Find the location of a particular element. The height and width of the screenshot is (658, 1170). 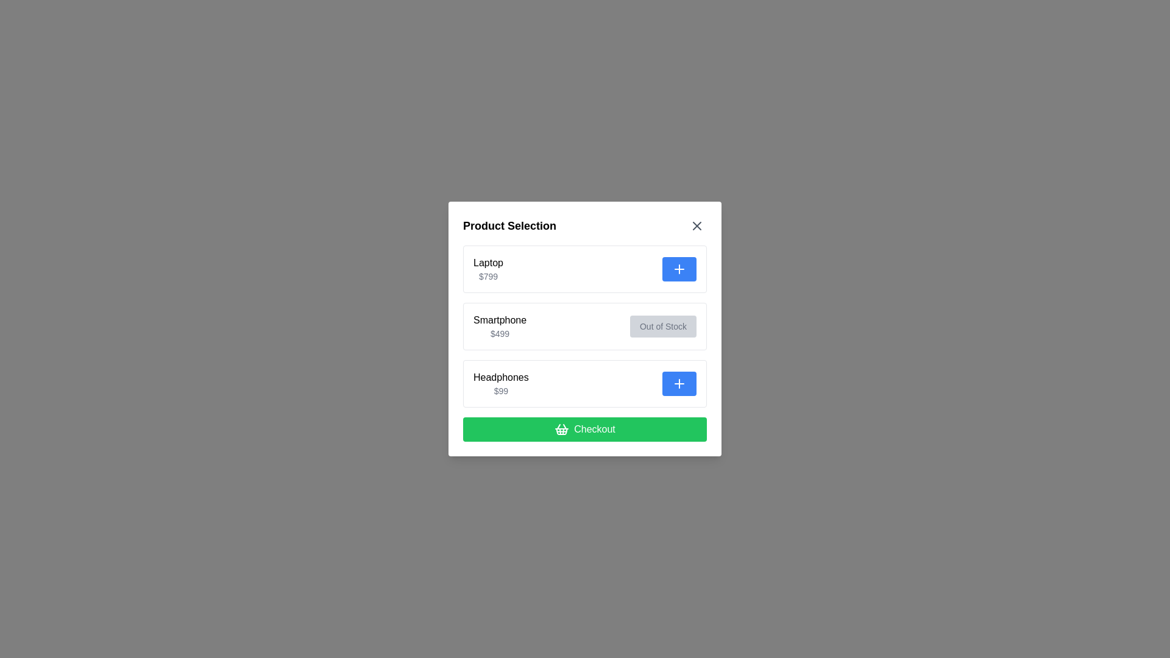

the 'Checkout' button to proceed is located at coordinates (585, 429).